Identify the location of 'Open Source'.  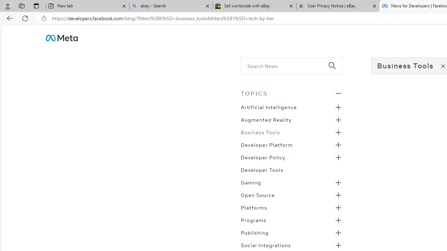
(257, 195).